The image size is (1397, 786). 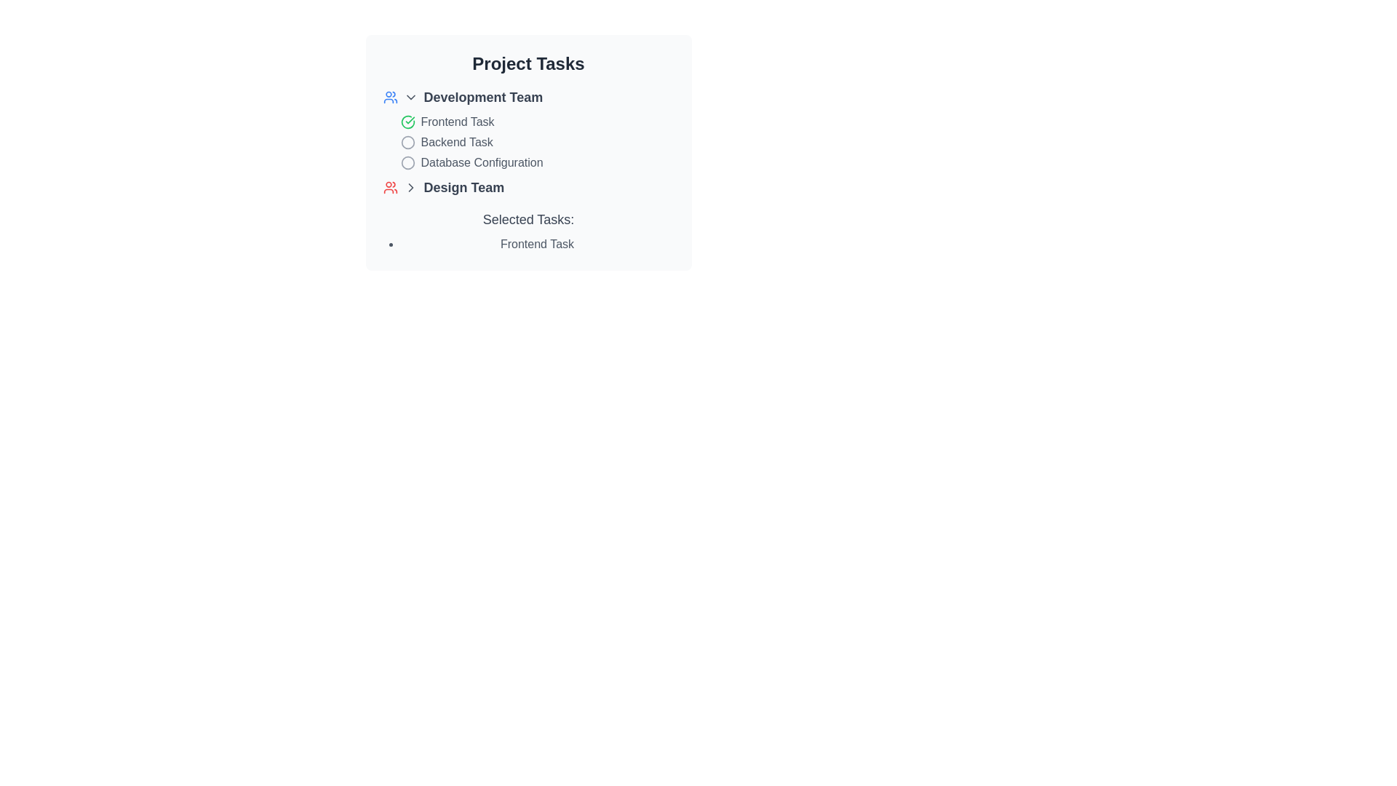 I want to click on the right-facing gray chevron icon rendered as an SVG, positioned to the left of the 'Design Team' text in the 'Project Tasks' panel, so click(x=410, y=187).